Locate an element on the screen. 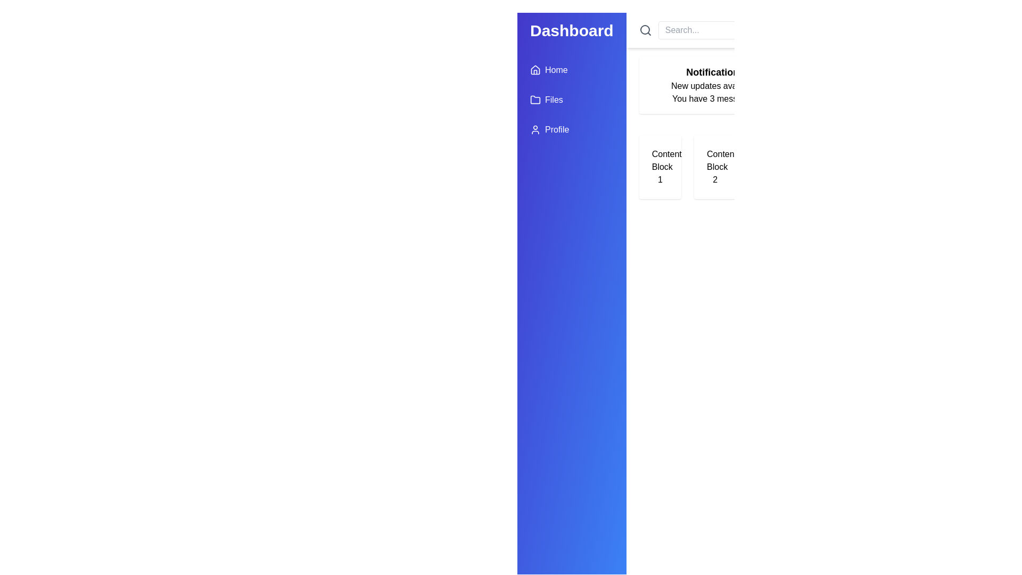 The image size is (1022, 575). the 'Files' icon in the left navigation sidebar is located at coordinates (535, 99).